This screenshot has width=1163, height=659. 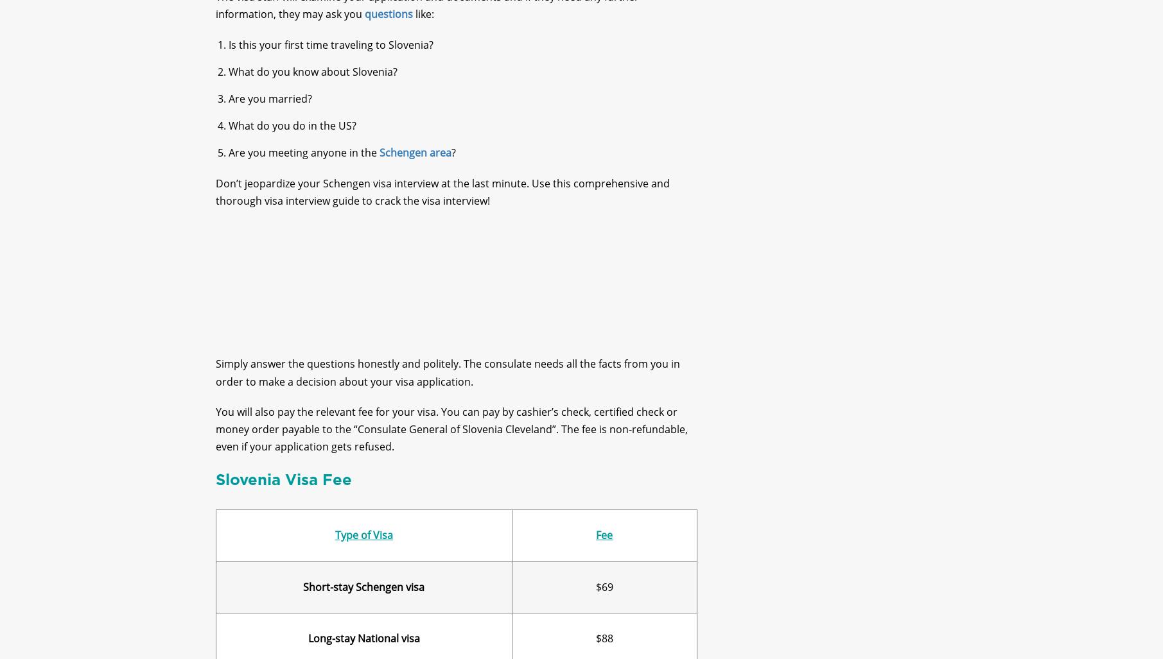 I want to click on 'The visa staff will examine your application and documents and if they need any further information, they may ask you', so click(x=426, y=16).